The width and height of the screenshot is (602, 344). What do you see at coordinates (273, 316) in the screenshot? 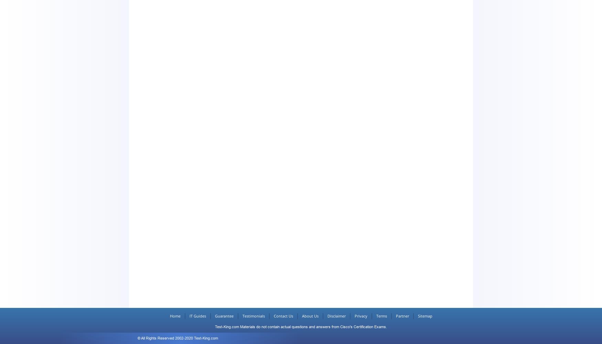
I see `'Contact Us'` at bounding box center [273, 316].